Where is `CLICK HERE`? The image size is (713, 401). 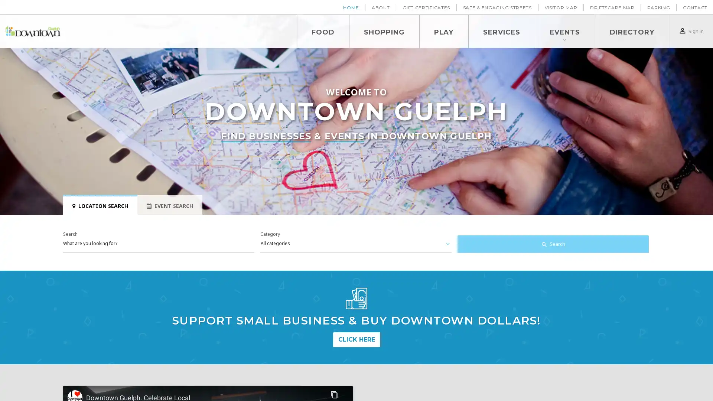
CLICK HERE is located at coordinates (356, 339).